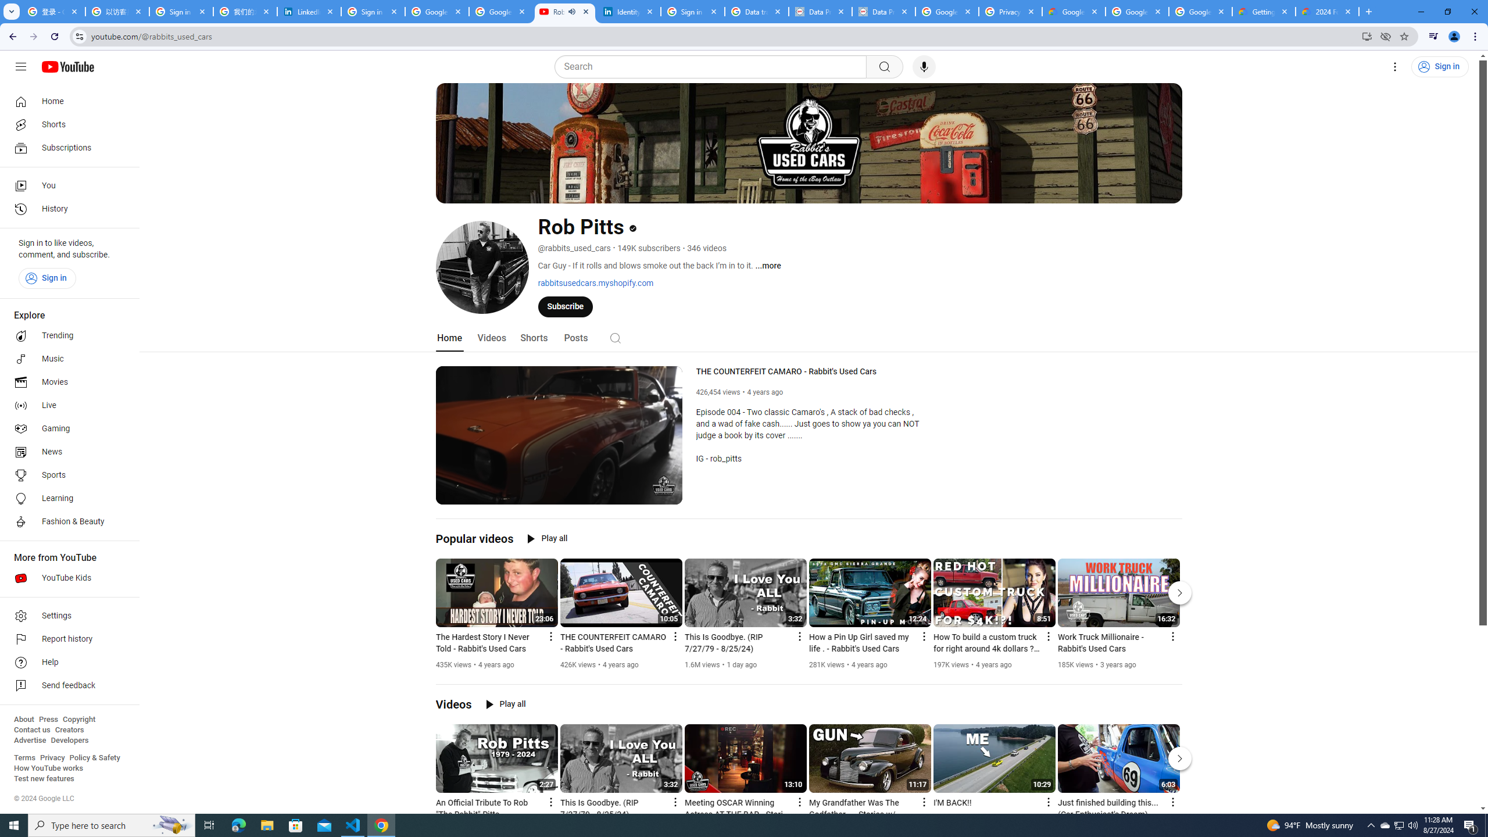 Image resolution: width=1488 pixels, height=837 pixels. What do you see at coordinates (1180, 757) in the screenshot?
I see `'Next'` at bounding box center [1180, 757].